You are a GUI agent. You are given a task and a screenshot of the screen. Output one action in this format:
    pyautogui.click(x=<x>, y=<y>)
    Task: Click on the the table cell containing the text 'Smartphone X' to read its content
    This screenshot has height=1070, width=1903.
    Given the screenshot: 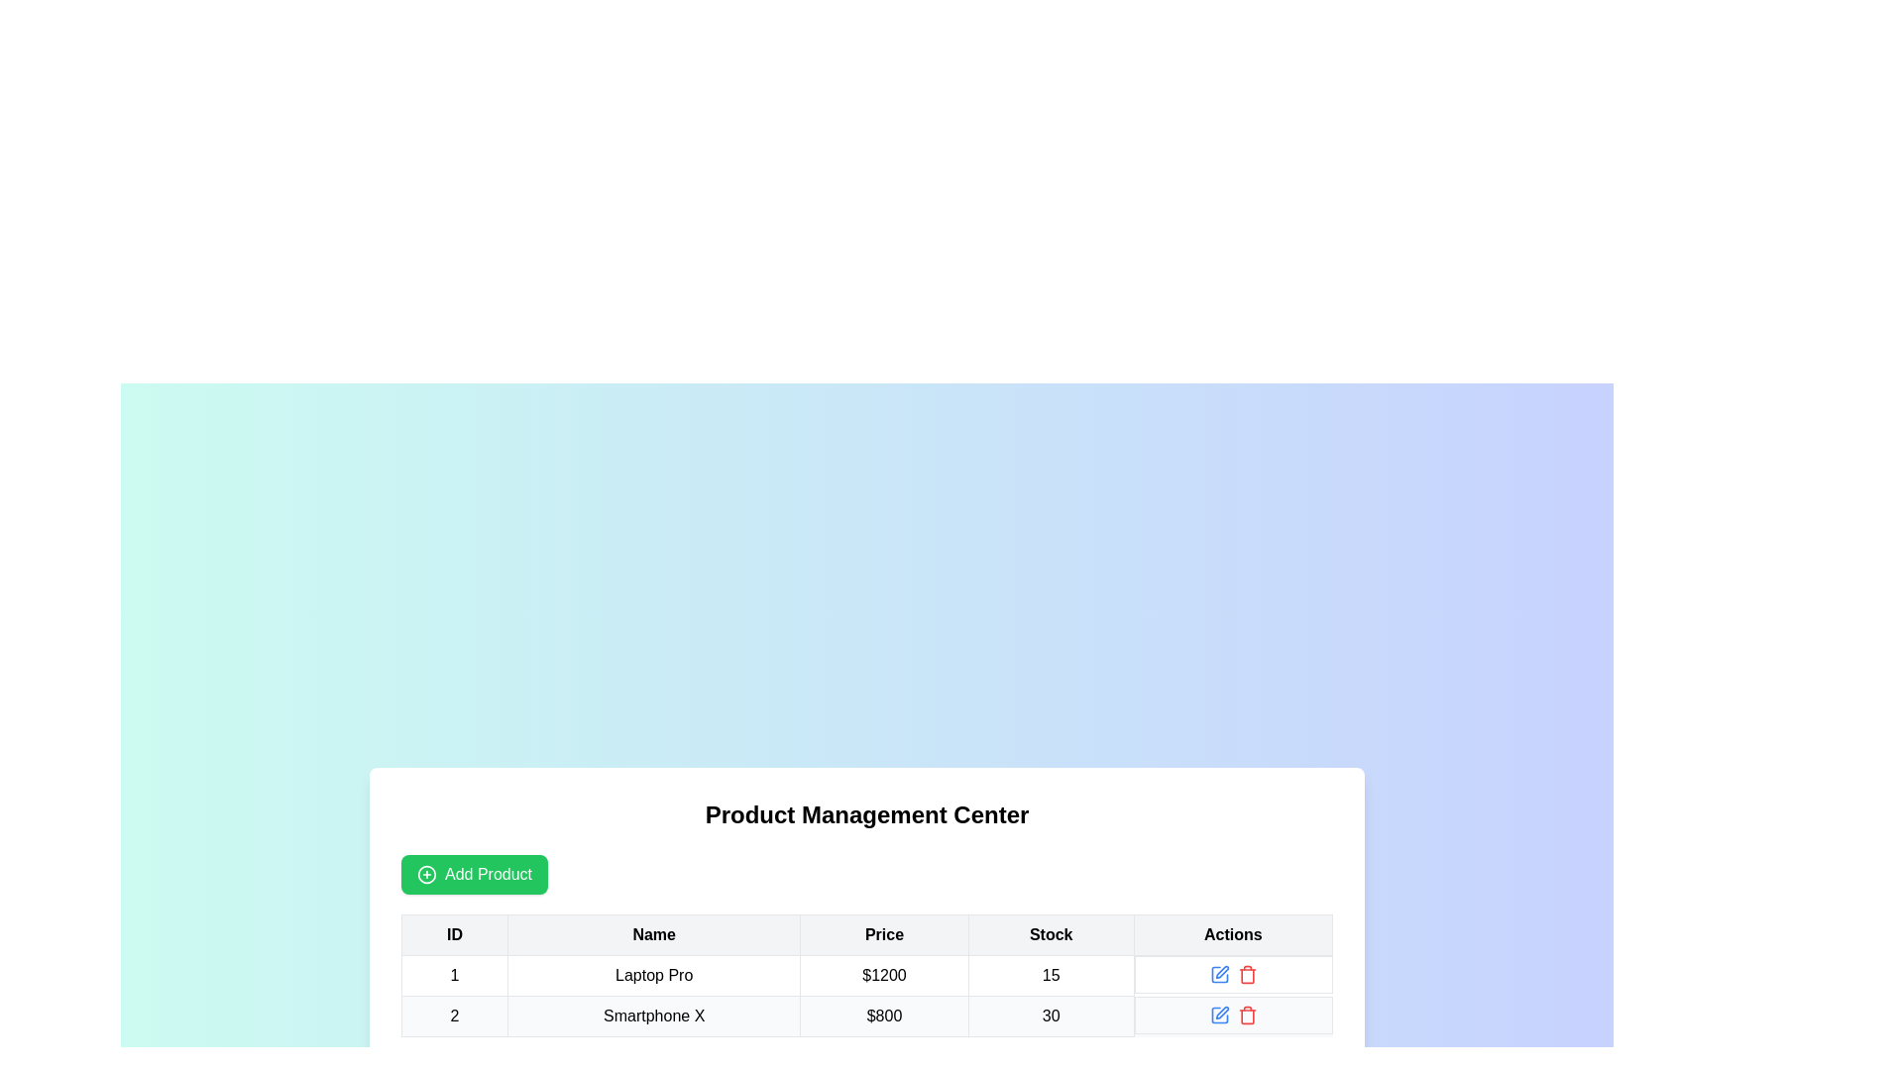 What is the action you would take?
    pyautogui.click(x=654, y=1016)
    